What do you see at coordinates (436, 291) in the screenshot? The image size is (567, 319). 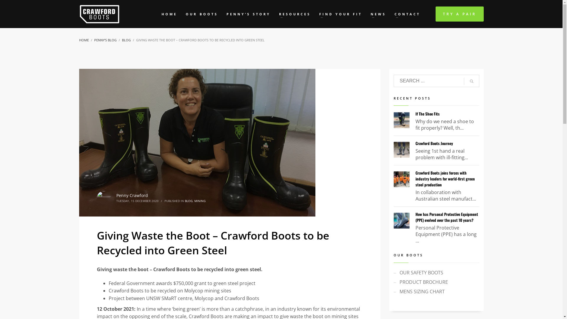 I see `'MENS SIZING CHART'` at bounding box center [436, 291].